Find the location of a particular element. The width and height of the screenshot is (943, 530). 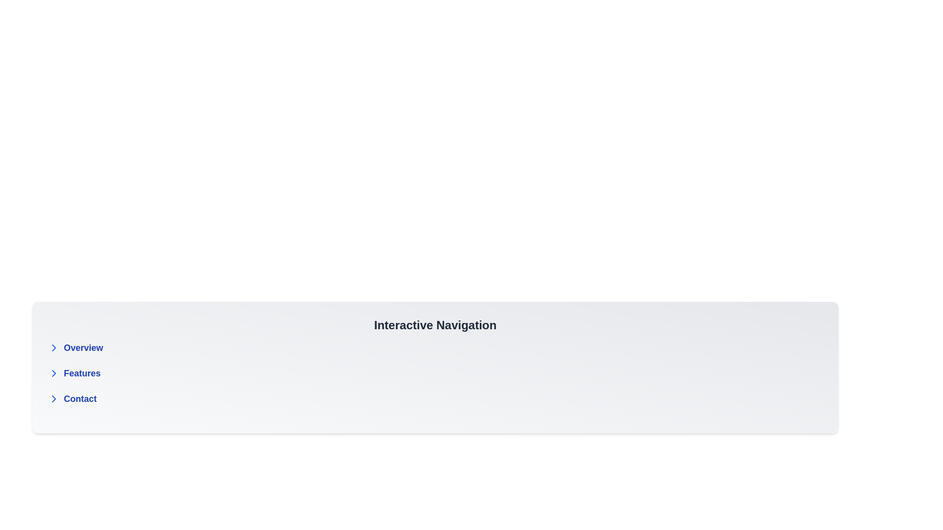

the text label within the first horizontal navigation item at the top of the list, which leads to an overview or summary section is located at coordinates (83, 347).